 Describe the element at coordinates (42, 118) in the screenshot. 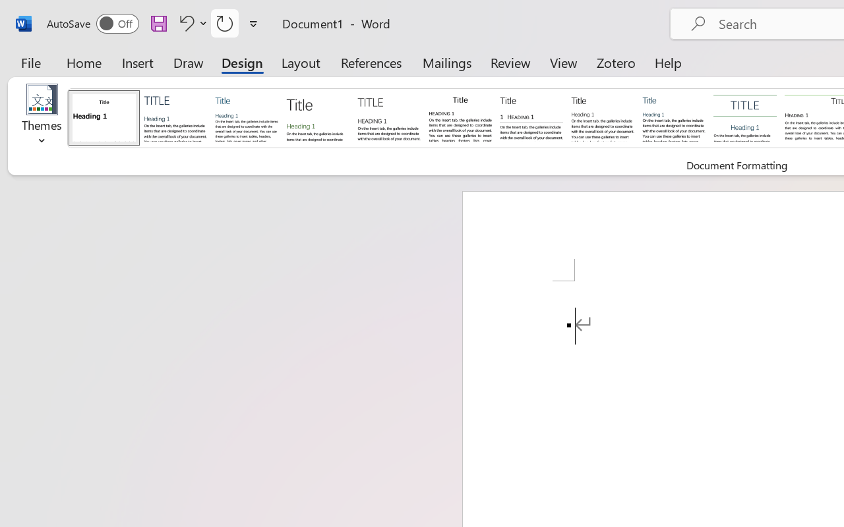

I see `'Themes'` at that location.